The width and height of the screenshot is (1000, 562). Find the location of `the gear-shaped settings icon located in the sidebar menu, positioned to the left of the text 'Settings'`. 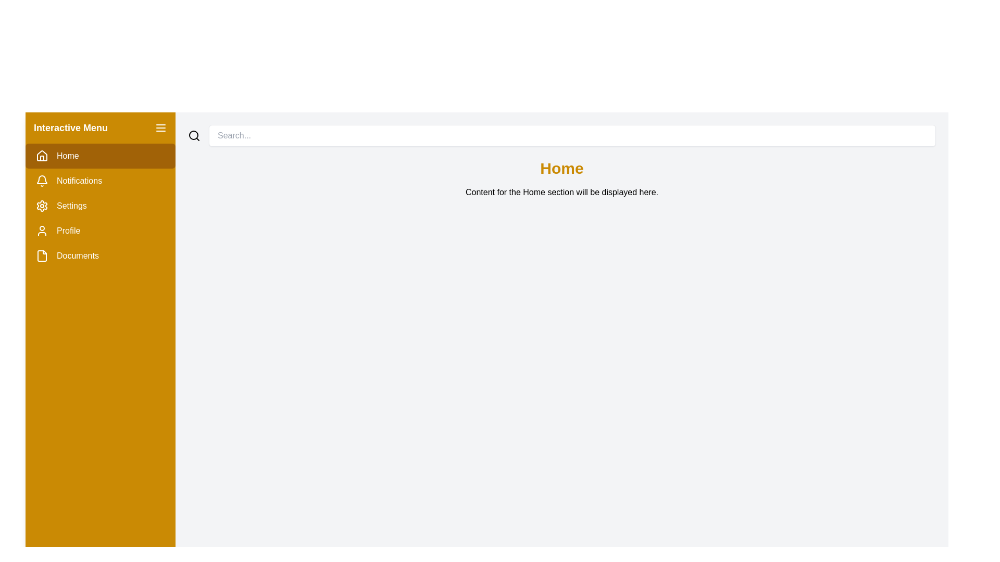

the gear-shaped settings icon located in the sidebar menu, positioned to the left of the text 'Settings' is located at coordinates (42, 206).